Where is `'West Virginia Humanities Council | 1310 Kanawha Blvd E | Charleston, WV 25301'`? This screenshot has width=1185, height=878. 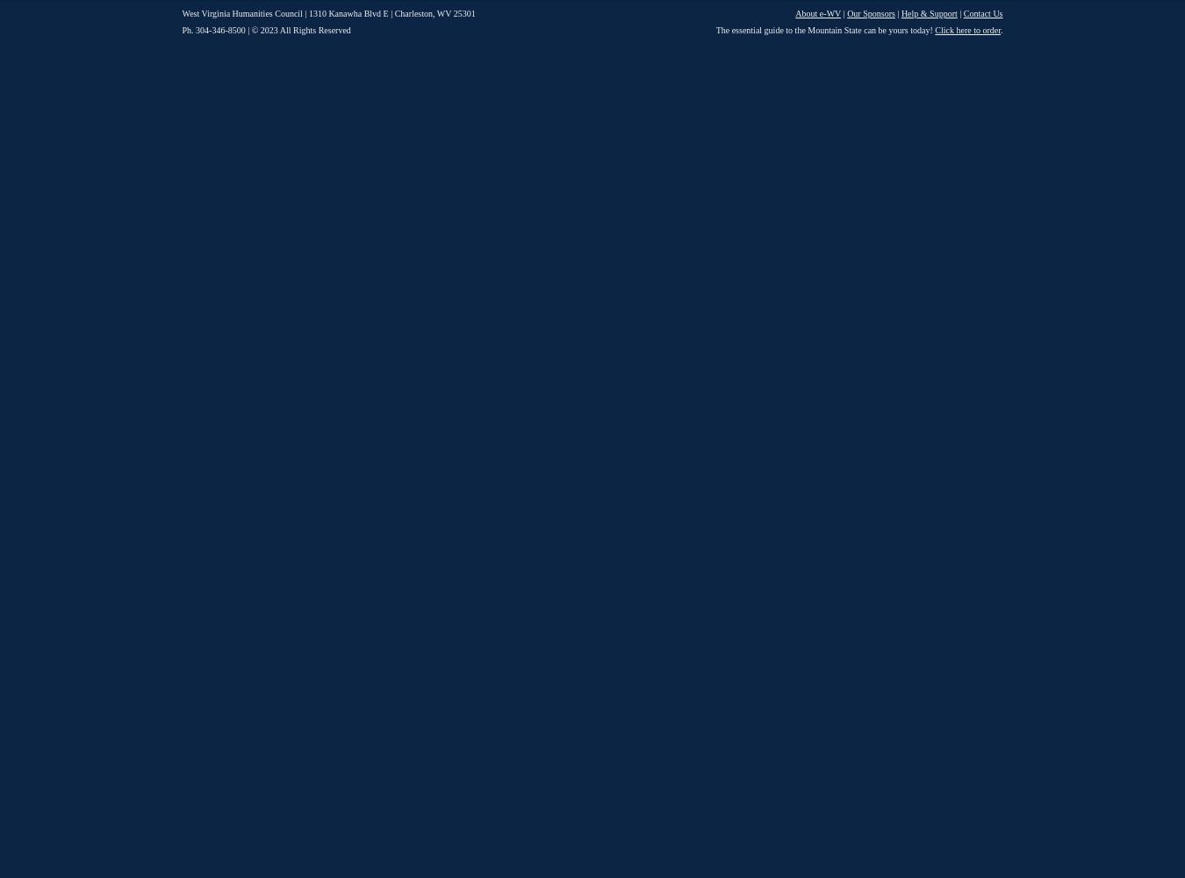 'West Virginia Humanities Council | 1310 Kanawha Blvd E | Charleston, WV 25301' is located at coordinates (327, 13).